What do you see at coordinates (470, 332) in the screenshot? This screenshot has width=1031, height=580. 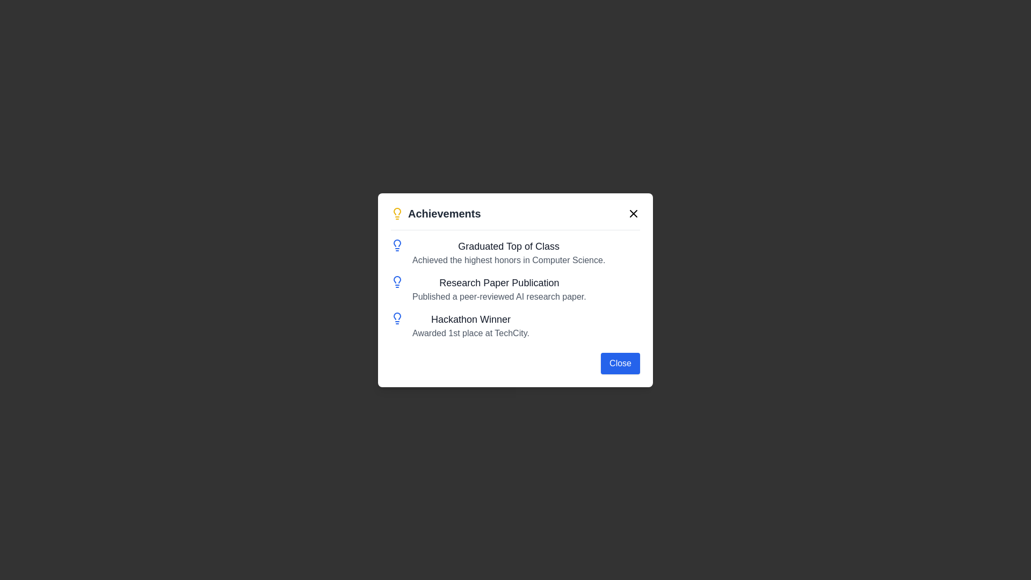 I see `text snippet 'Awarded 1st place at TechCity.' located in the 'Hackathon Winner' section of the 'Achievements' panel, beneath the subtitle 'Hackathon Winner'` at bounding box center [470, 332].